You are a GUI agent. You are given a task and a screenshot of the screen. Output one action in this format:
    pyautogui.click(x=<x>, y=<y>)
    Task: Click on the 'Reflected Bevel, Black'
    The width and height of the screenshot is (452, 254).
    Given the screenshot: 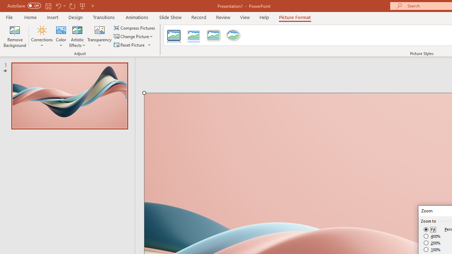 What is the action you would take?
    pyautogui.click(x=174, y=35)
    